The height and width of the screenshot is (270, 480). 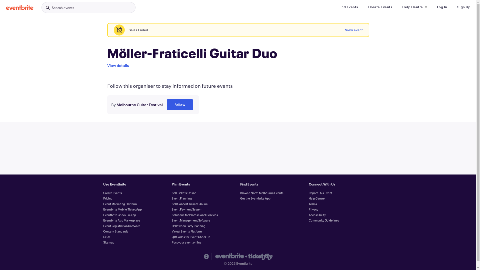 I want to click on 'Follow', so click(x=179, y=104).